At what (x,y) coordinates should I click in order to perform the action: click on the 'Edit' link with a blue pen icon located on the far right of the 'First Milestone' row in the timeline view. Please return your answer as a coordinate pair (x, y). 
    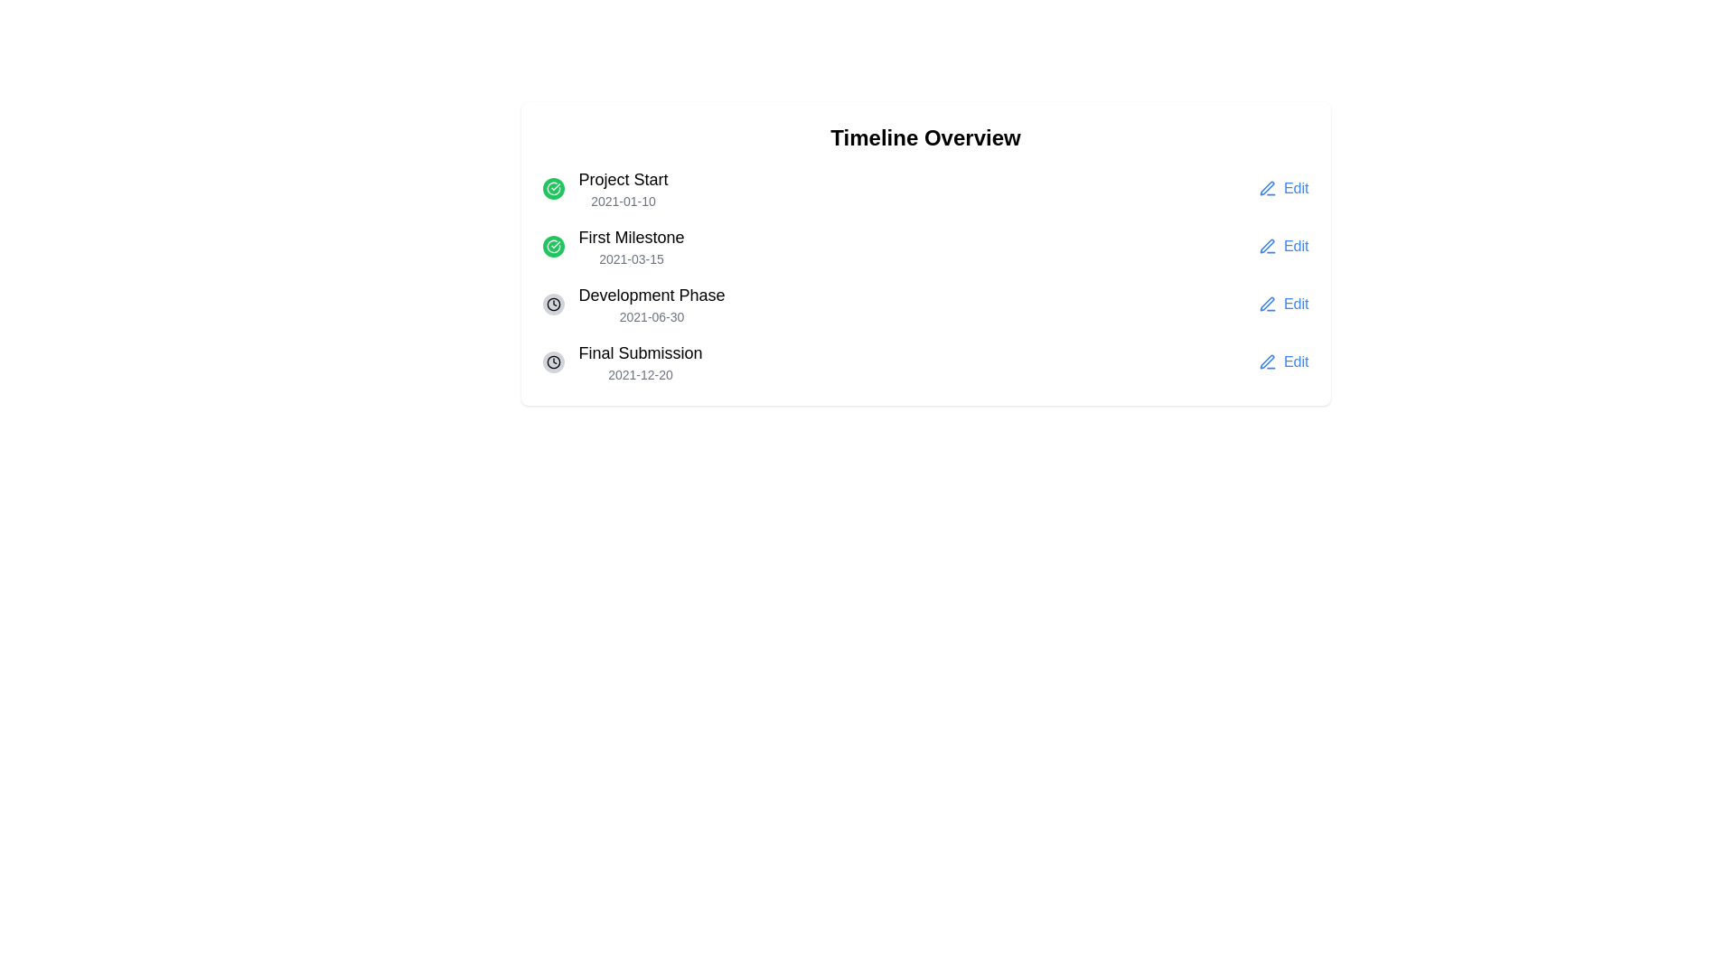
    Looking at the image, I should click on (1282, 247).